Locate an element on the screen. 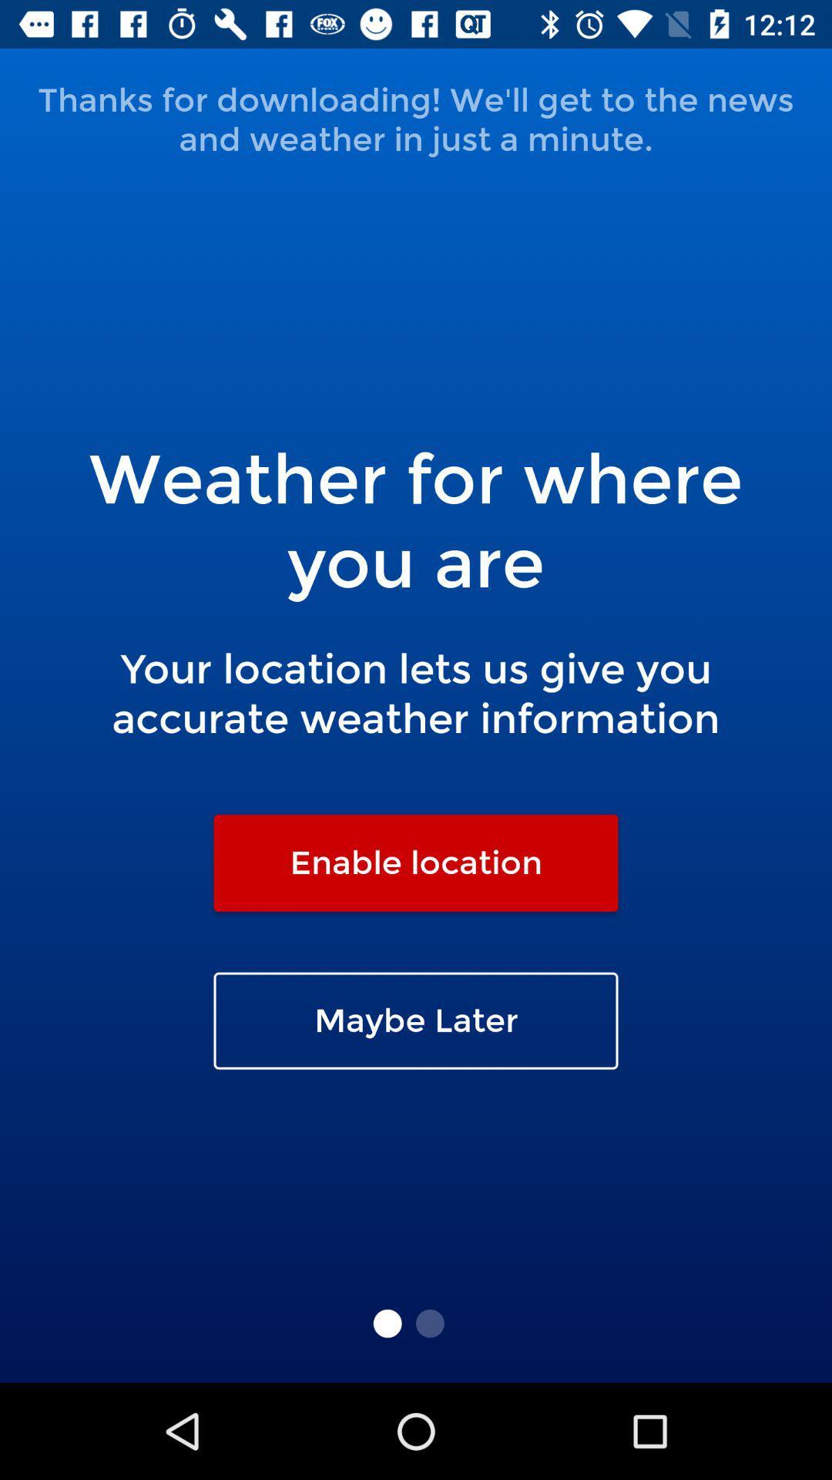 Image resolution: width=832 pixels, height=1480 pixels. maybe later is located at coordinates (416, 1021).